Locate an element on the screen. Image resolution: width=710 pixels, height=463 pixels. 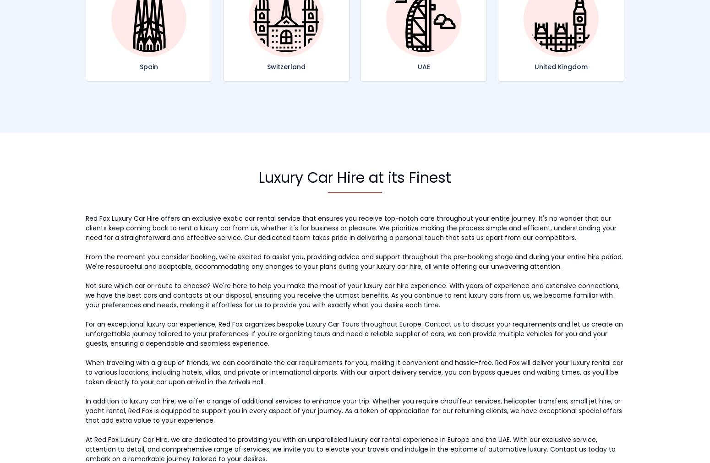
'United Kingdom' is located at coordinates (561, 65).